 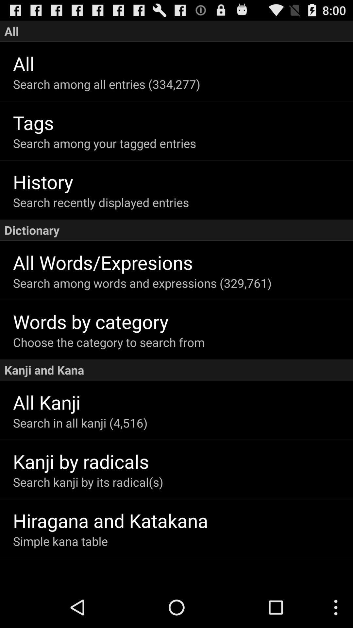 I want to click on all words/expresions icon, so click(x=183, y=262).